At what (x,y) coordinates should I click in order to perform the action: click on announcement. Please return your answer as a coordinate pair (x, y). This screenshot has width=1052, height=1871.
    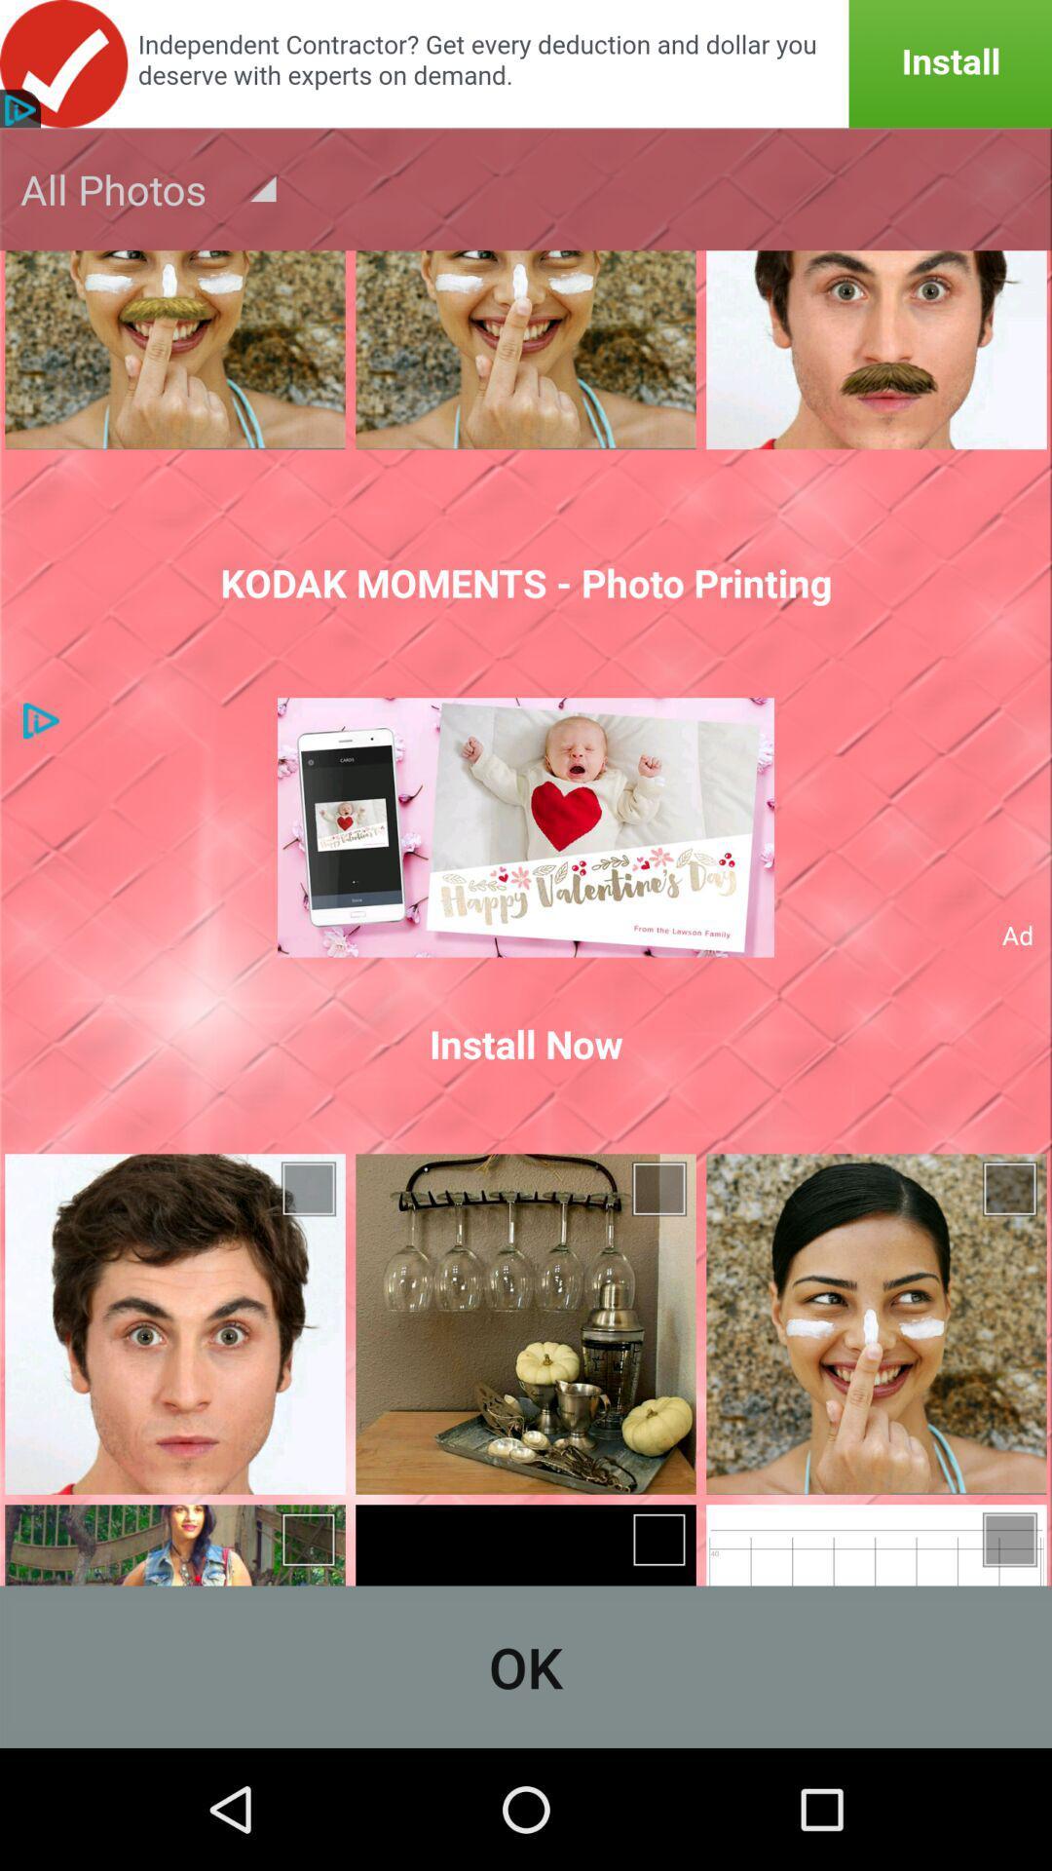
    Looking at the image, I should click on (526, 63).